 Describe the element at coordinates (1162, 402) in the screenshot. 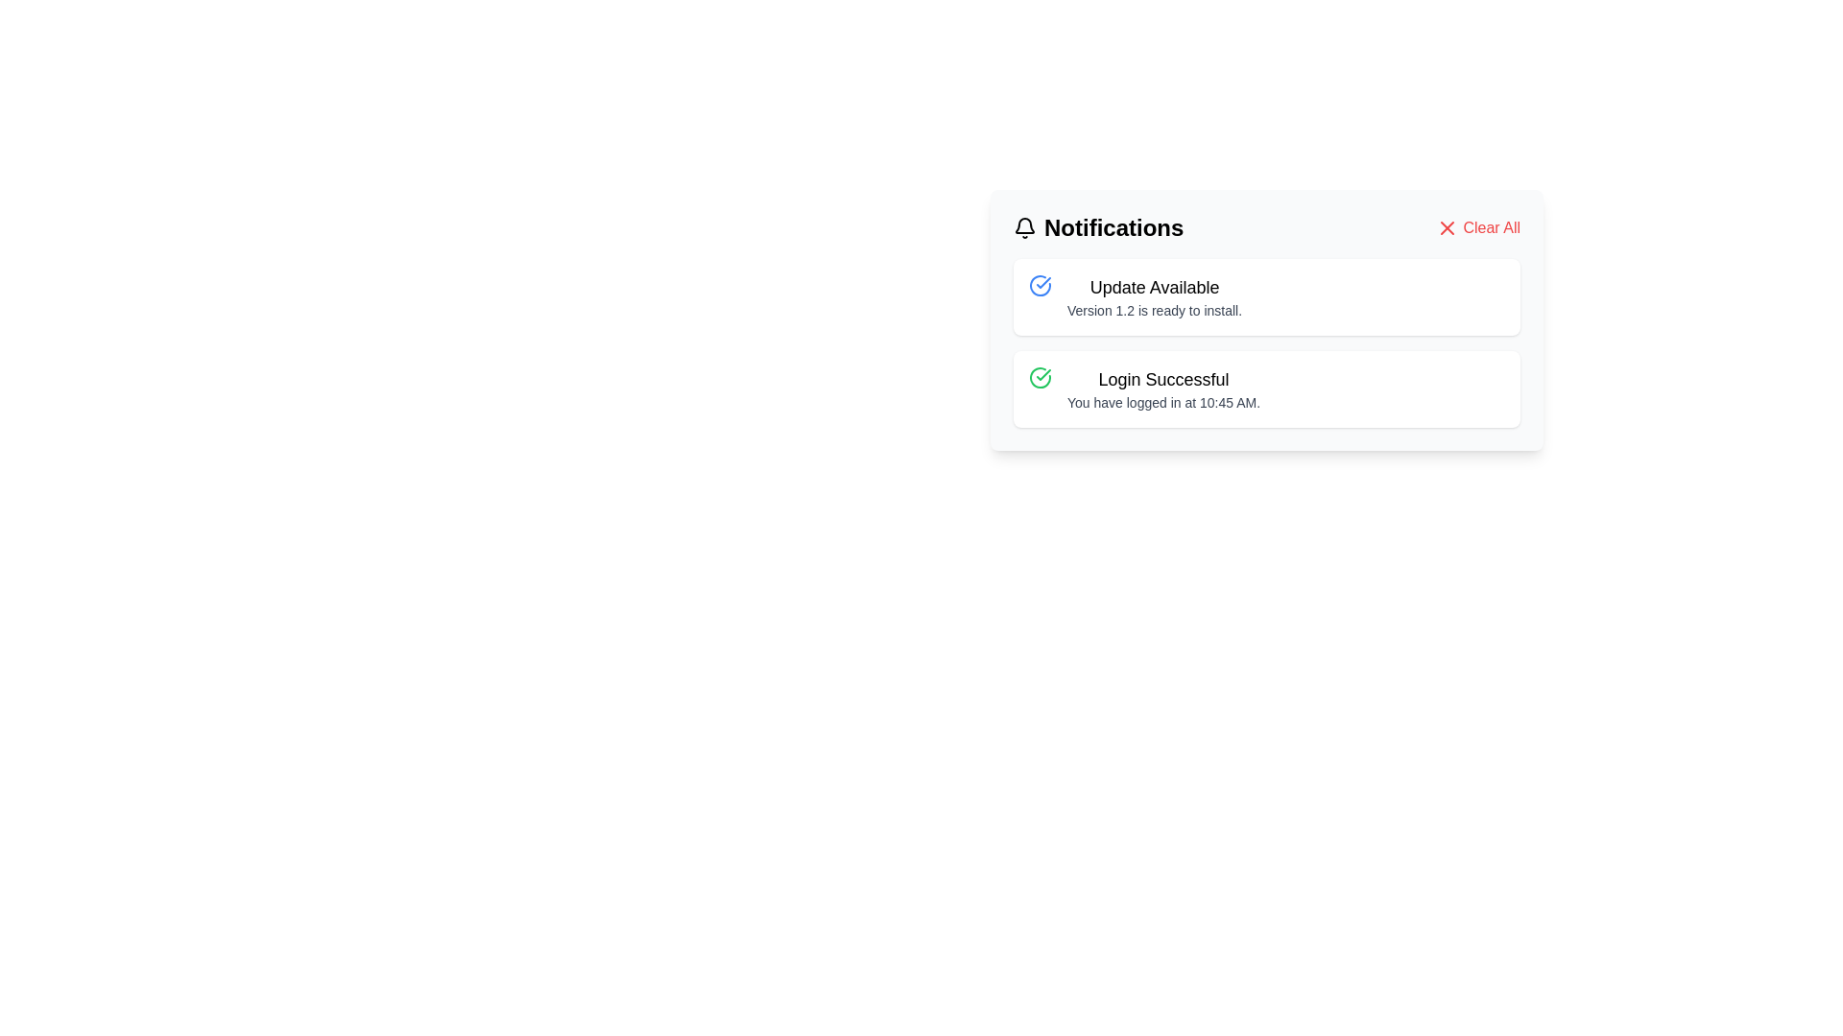

I see `the timestamp text label that indicates the user's login event, located within the notification area of the login information card` at that location.